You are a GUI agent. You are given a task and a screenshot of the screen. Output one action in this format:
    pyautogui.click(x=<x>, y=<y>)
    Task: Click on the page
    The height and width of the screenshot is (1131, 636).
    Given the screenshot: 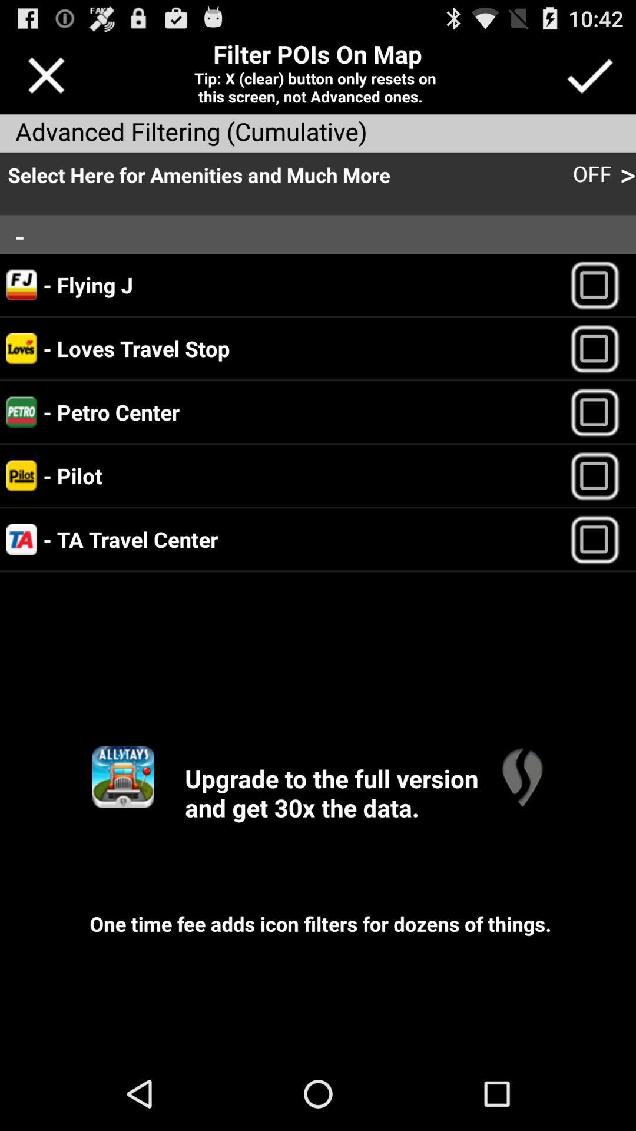 What is the action you would take?
    pyautogui.click(x=45, y=75)
    